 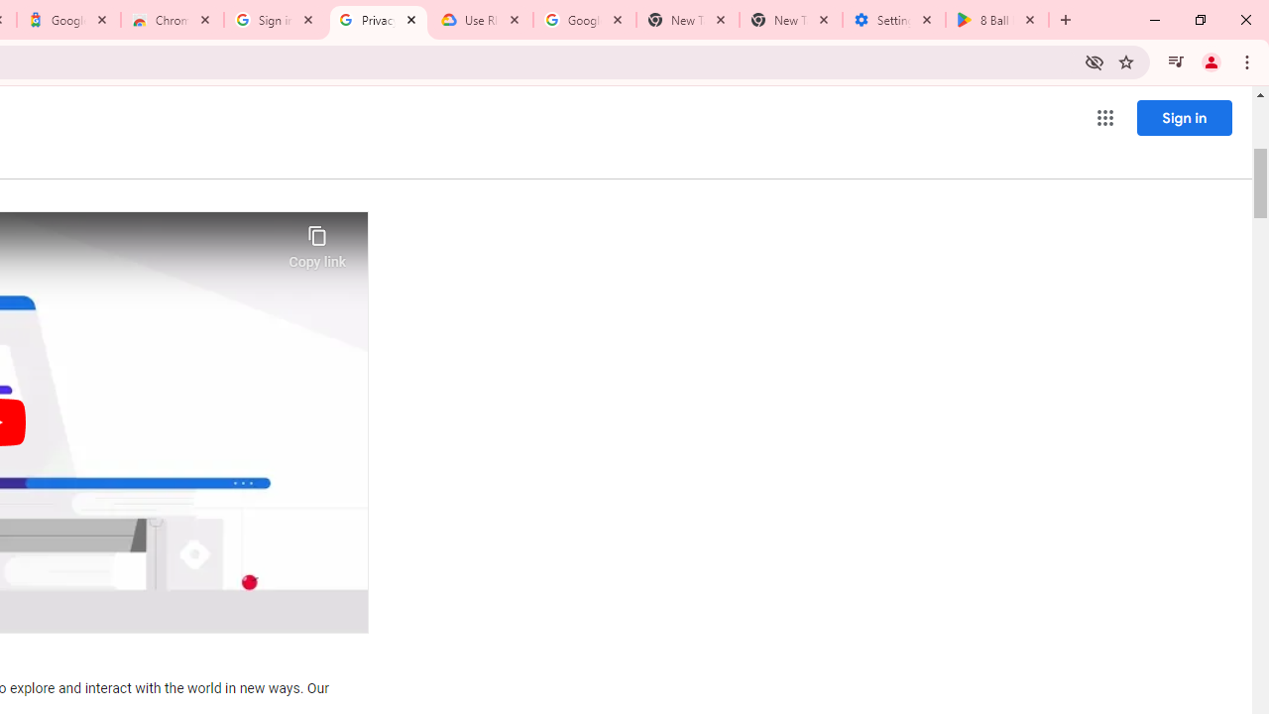 What do you see at coordinates (1175, 60) in the screenshot?
I see `'Control your music, videos, and more'` at bounding box center [1175, 60].